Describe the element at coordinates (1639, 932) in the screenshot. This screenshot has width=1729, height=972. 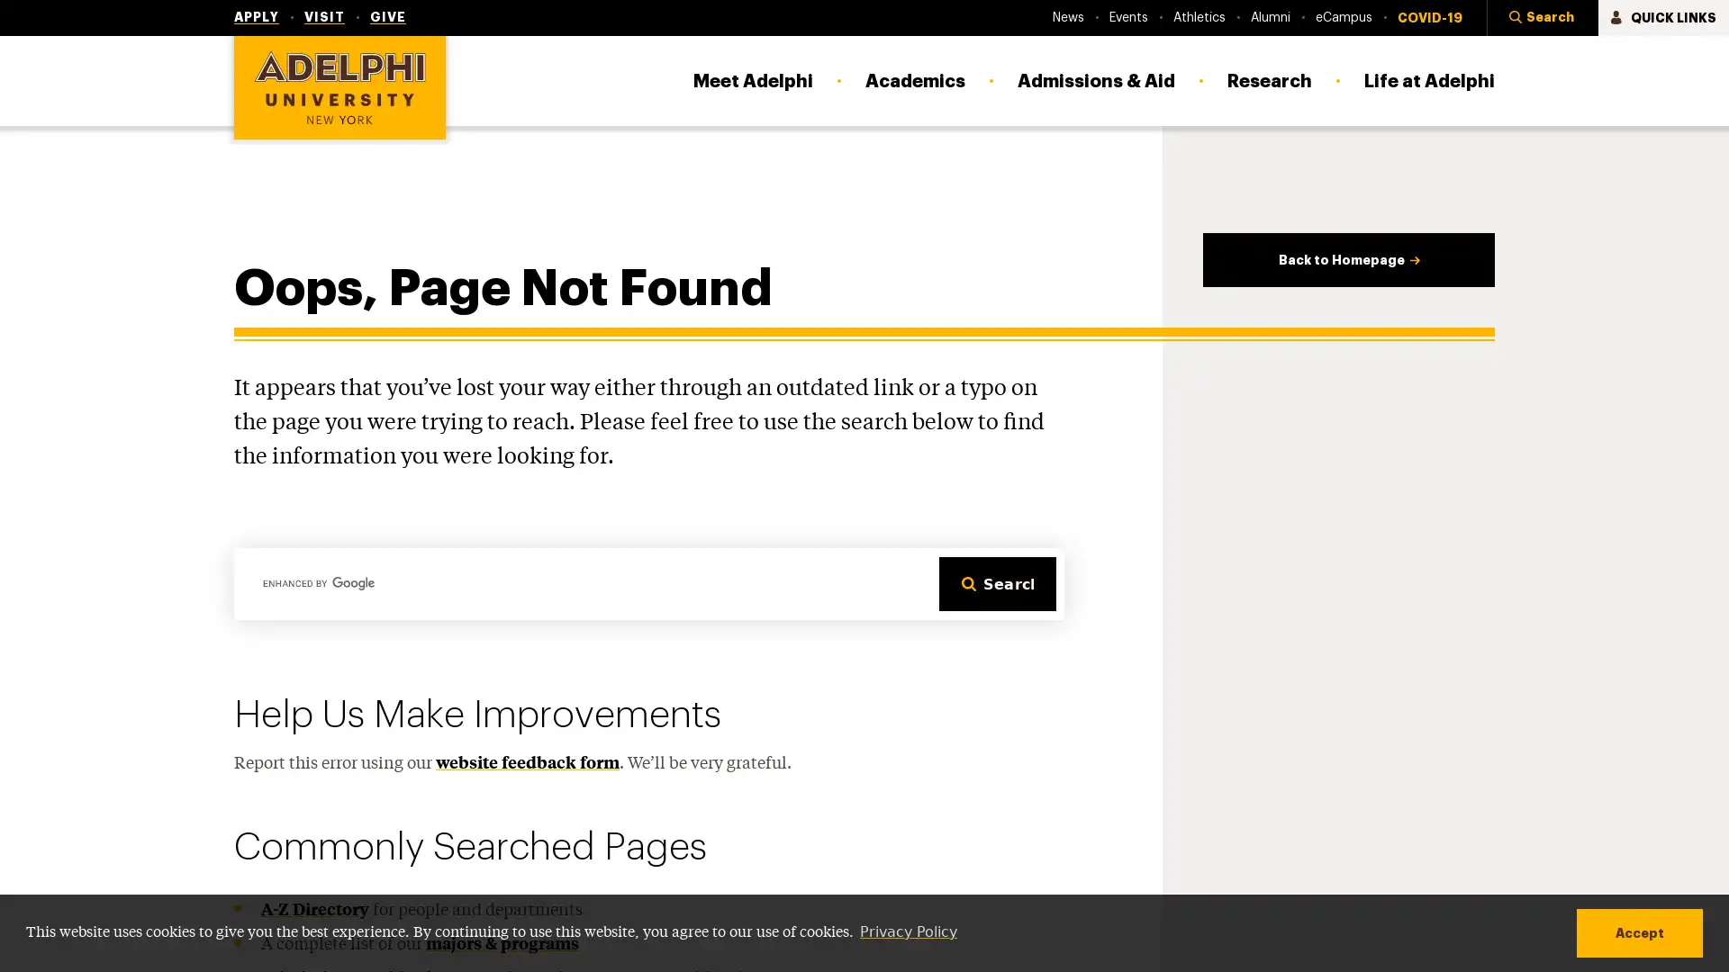
I see `dismiss cookie message` at that location.